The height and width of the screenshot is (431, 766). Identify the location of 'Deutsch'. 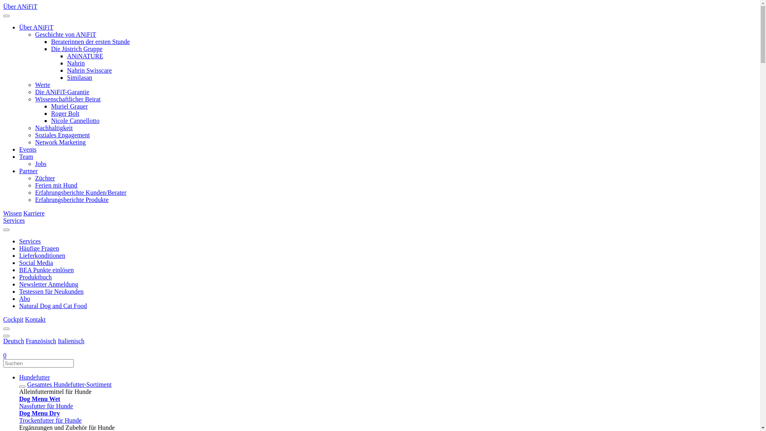
(13, 341).